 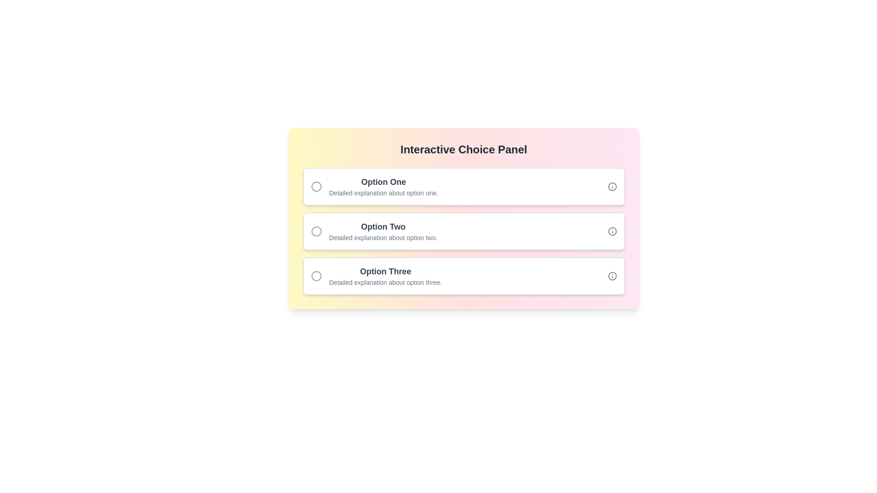 What do you see at coordinates (464, 218) in the screenshot?
I see `'Option One', 'Option Two', or 'Option Three' in the choice panel` at bounding box center [464, 218].